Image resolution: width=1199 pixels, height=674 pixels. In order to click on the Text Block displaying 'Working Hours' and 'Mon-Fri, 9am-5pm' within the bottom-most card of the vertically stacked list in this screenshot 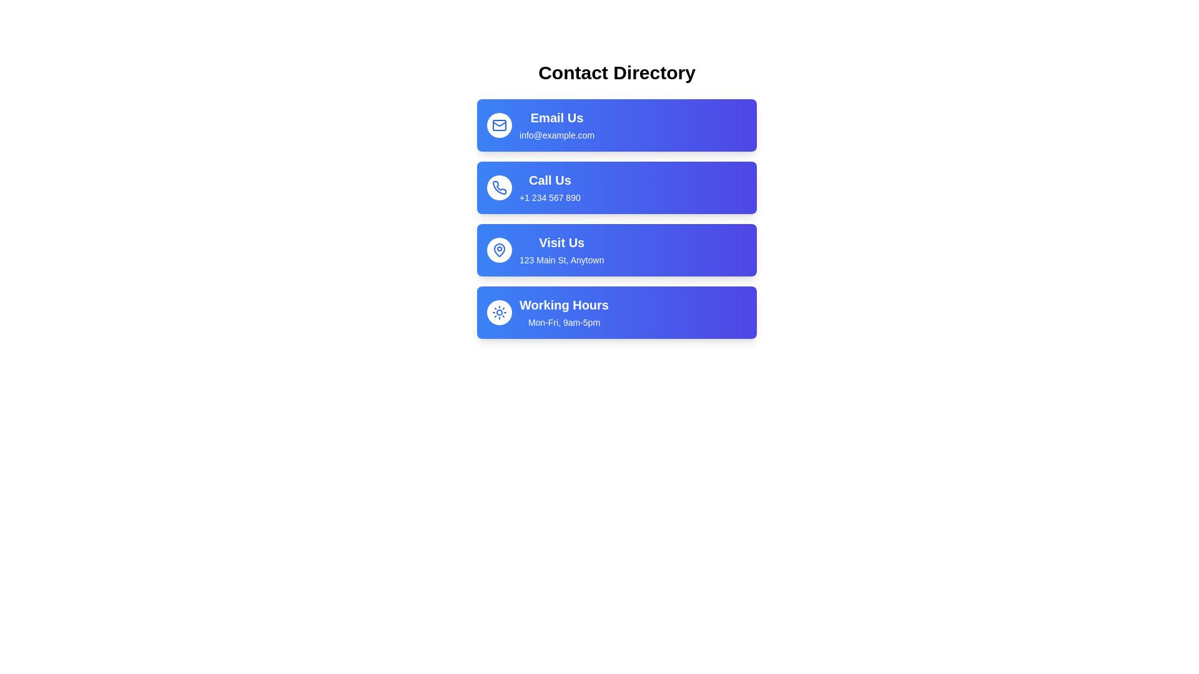, I will do `click(563, 312)`.